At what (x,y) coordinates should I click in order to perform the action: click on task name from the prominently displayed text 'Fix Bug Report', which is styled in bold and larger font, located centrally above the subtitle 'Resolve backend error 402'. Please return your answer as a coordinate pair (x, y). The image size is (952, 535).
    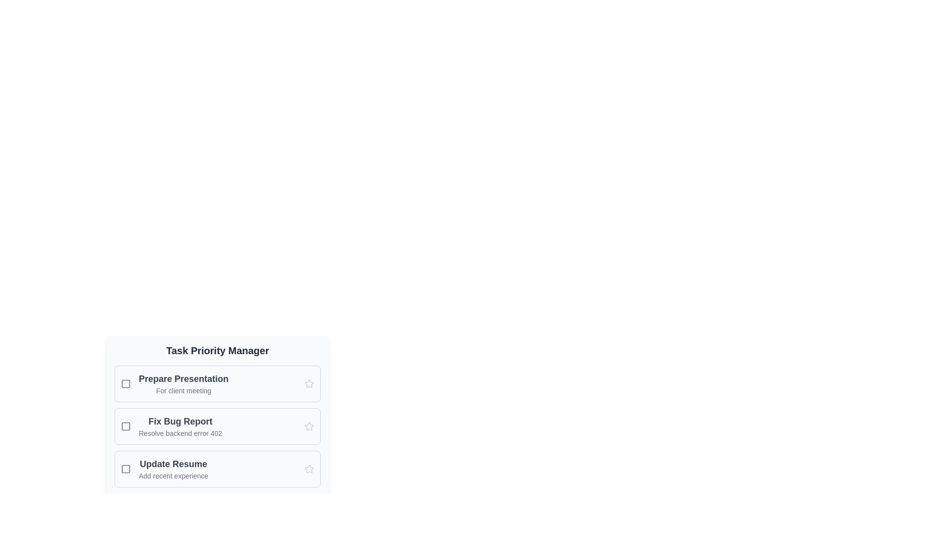
    Looking at the image, I should click on (180, 422).